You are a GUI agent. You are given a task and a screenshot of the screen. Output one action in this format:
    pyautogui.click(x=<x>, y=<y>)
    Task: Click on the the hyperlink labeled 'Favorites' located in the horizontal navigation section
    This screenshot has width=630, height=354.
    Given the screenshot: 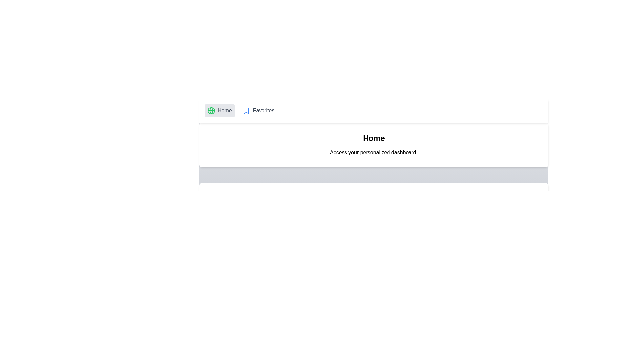 What is the action you would take?
    pyautogui.click(x=263, y=110)
    